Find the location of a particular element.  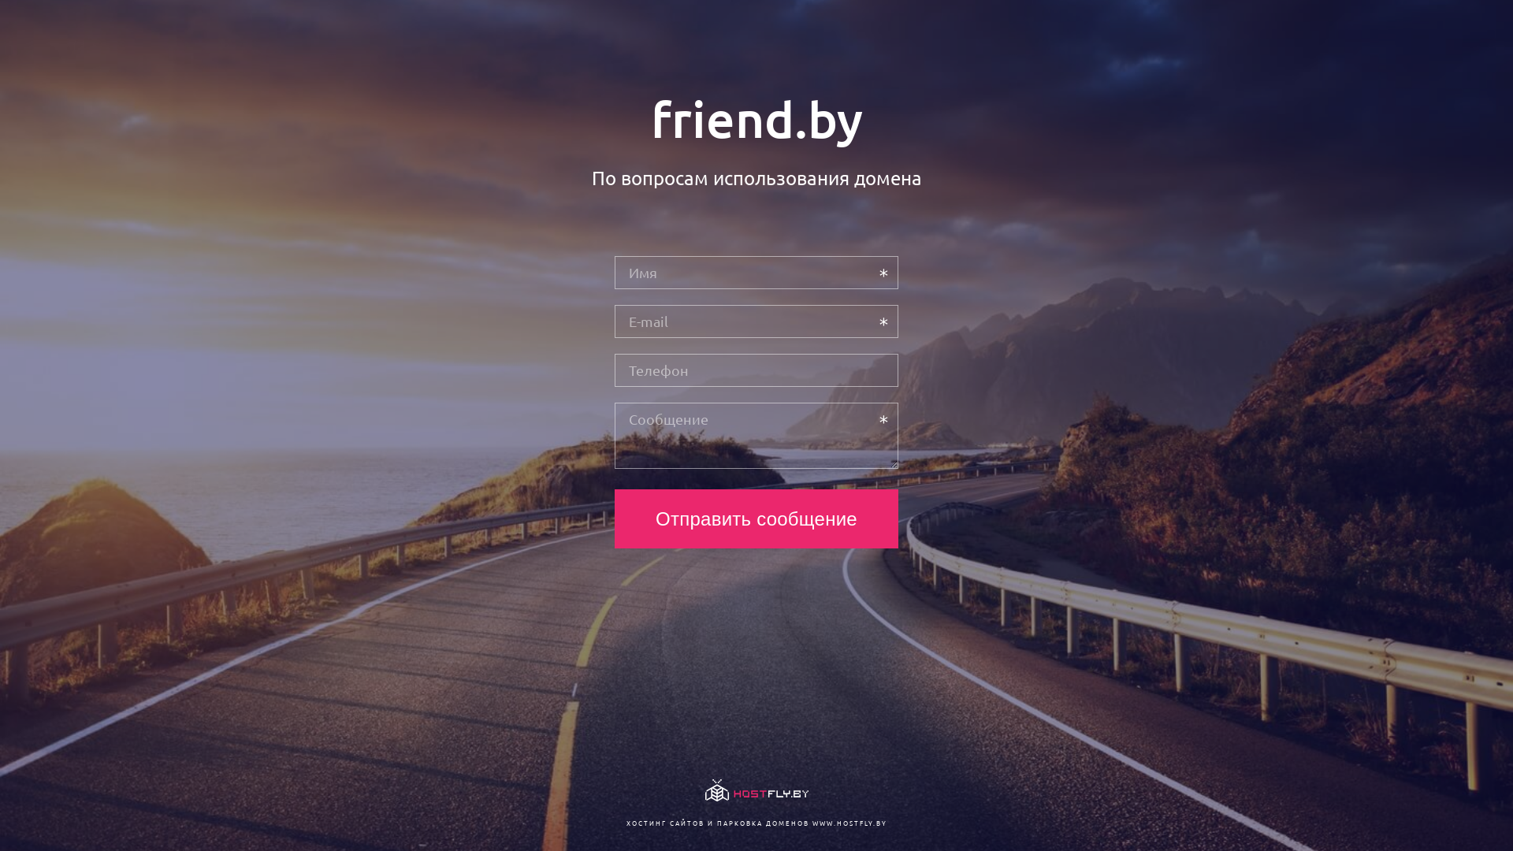

'WWW.HOSTFLY.BY' is located at coordinates (848, 822).